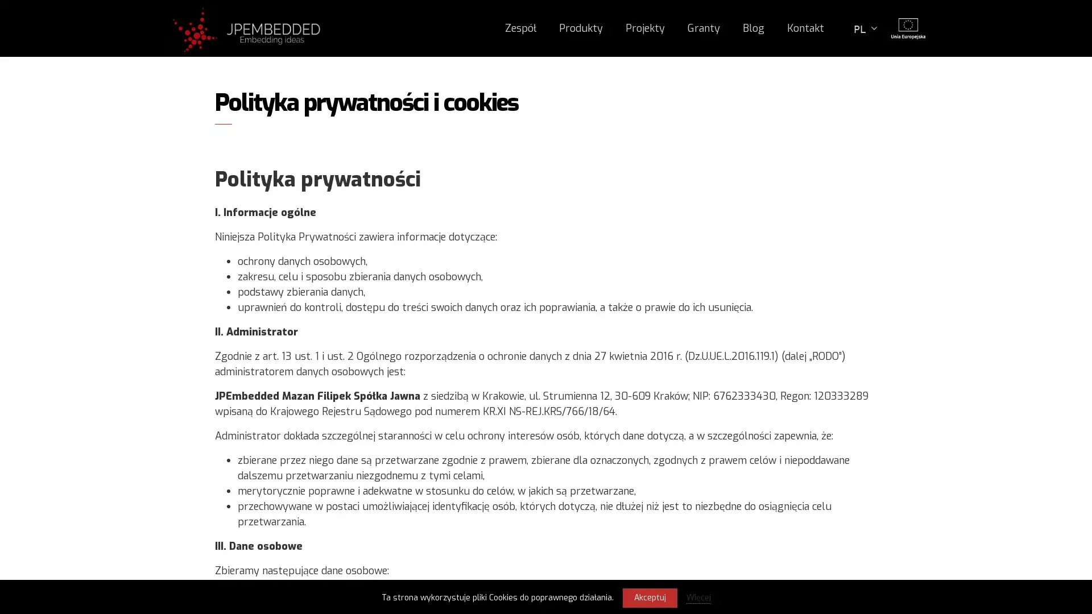 This screenshot has height=614, width=1092. What do you see at coordinates (864, 27) in the screenshot?
I see `PL` at bounding box center [864, 27].